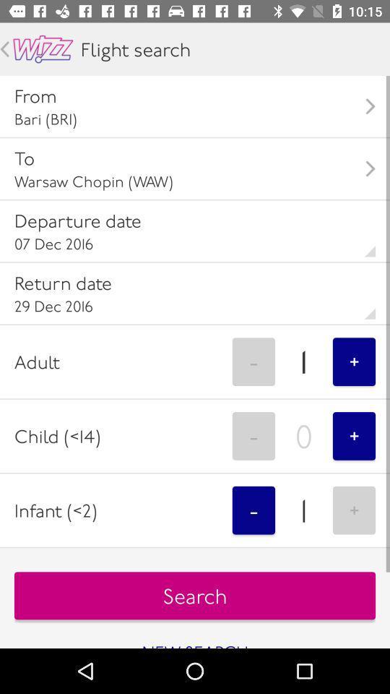  I want to click on icon to the left of the 1, so click(253, 510).